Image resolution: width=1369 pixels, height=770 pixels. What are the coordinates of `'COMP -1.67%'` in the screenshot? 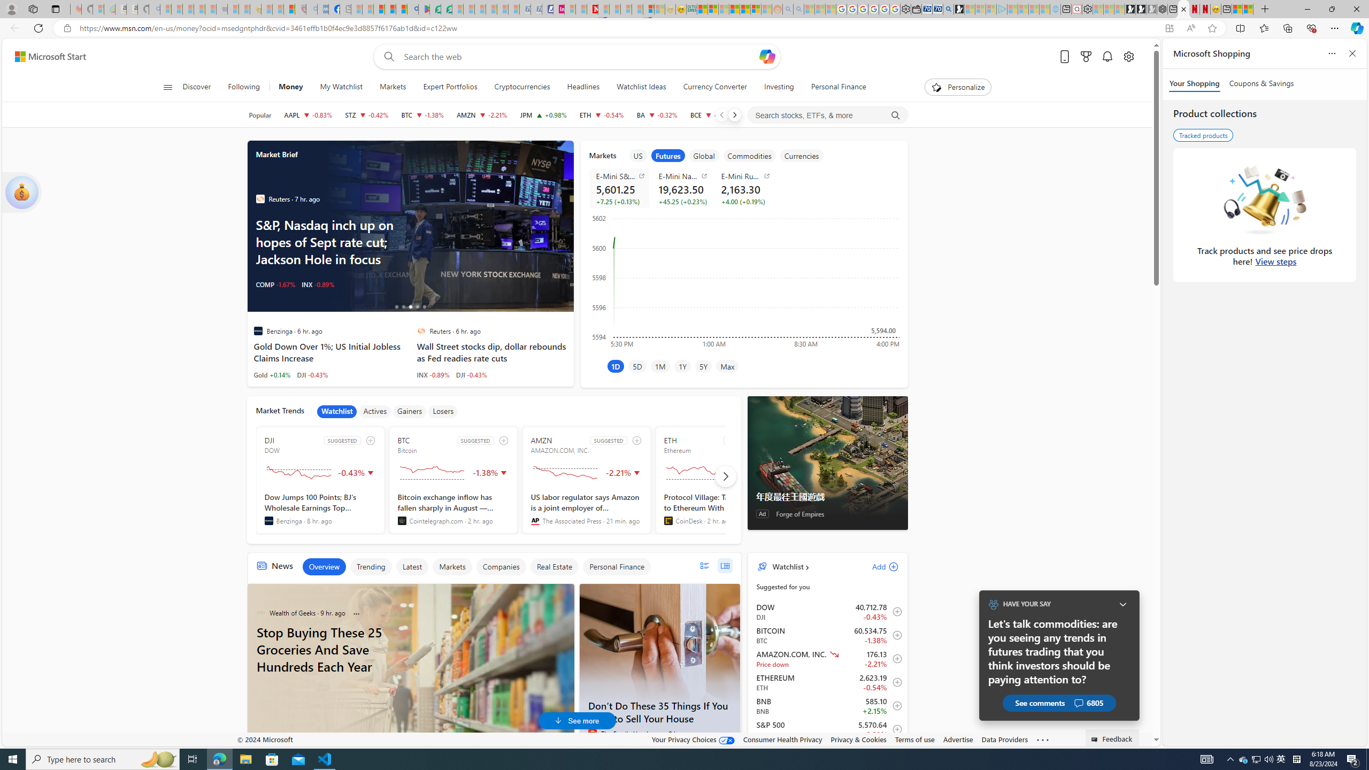 It's located at (275, 284).